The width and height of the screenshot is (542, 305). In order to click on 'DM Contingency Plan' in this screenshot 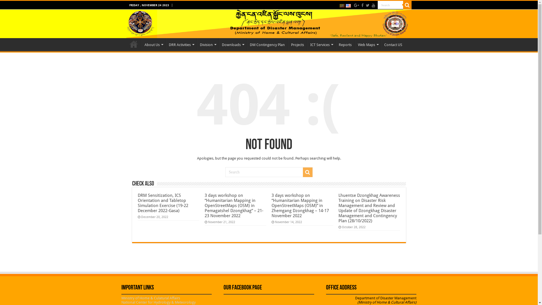, I will do `click(267, 43)`.